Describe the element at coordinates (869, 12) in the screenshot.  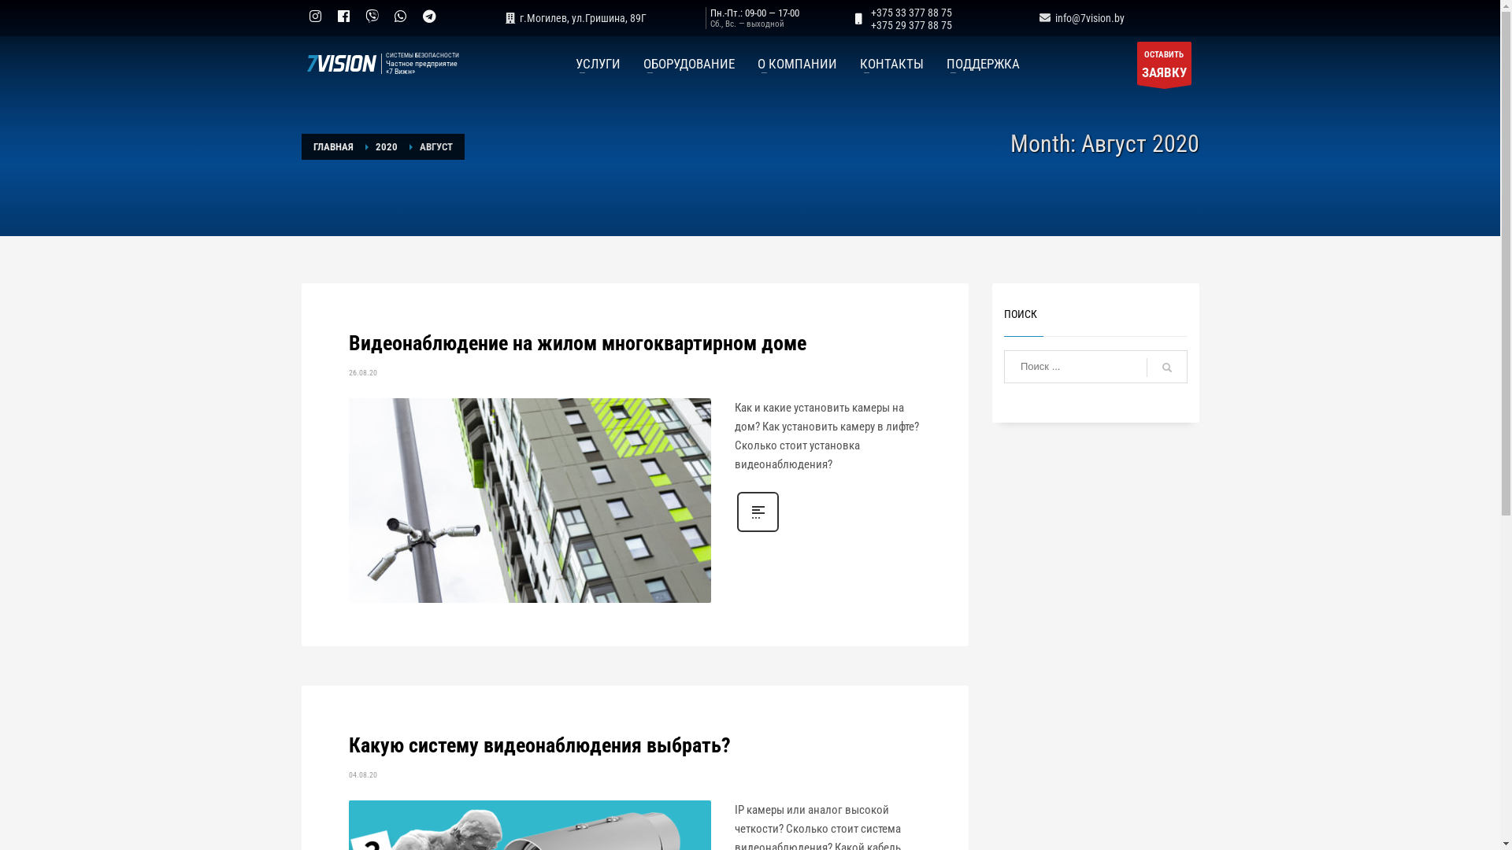
I see `'+375 33 377 88 75'` at that location.